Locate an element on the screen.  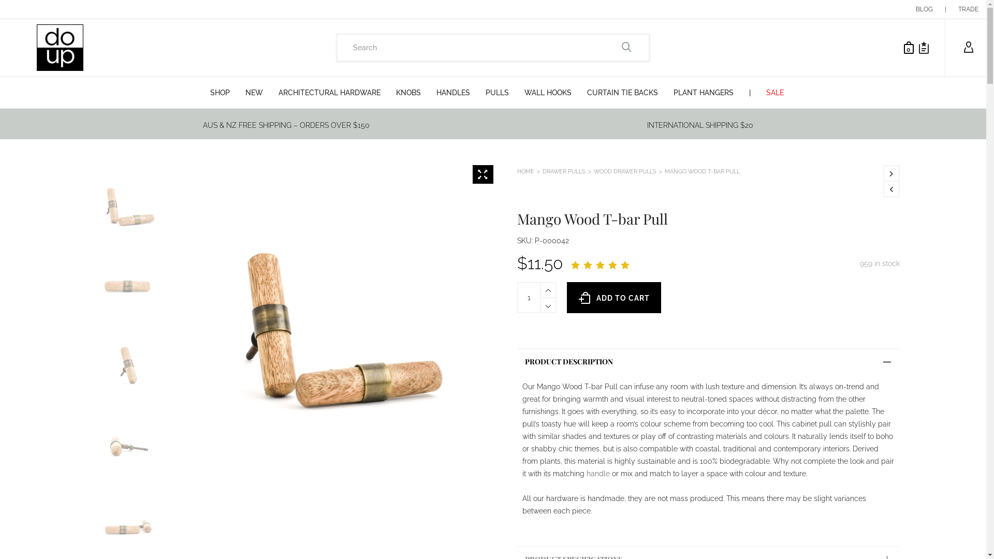
'ARCHITECTURAL HARDWARE' is located at coordinates (271, 92).